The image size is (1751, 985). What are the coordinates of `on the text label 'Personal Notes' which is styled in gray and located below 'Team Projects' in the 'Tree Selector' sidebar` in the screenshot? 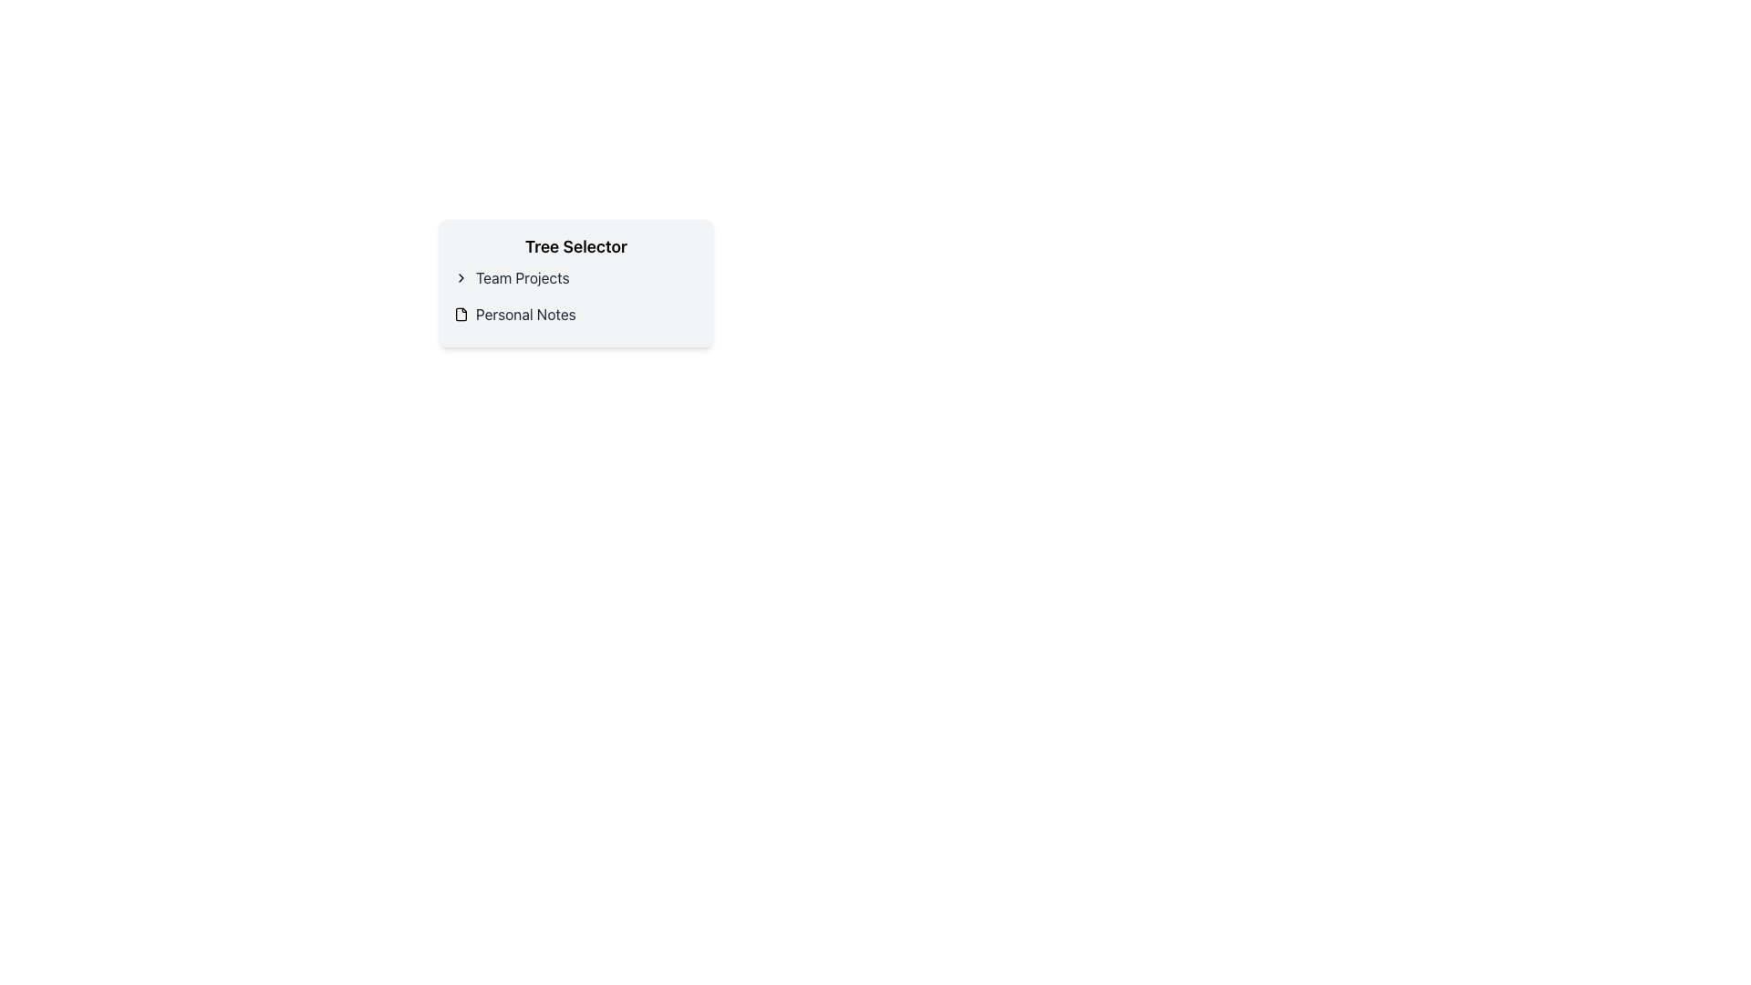 It's located at (524, 313).